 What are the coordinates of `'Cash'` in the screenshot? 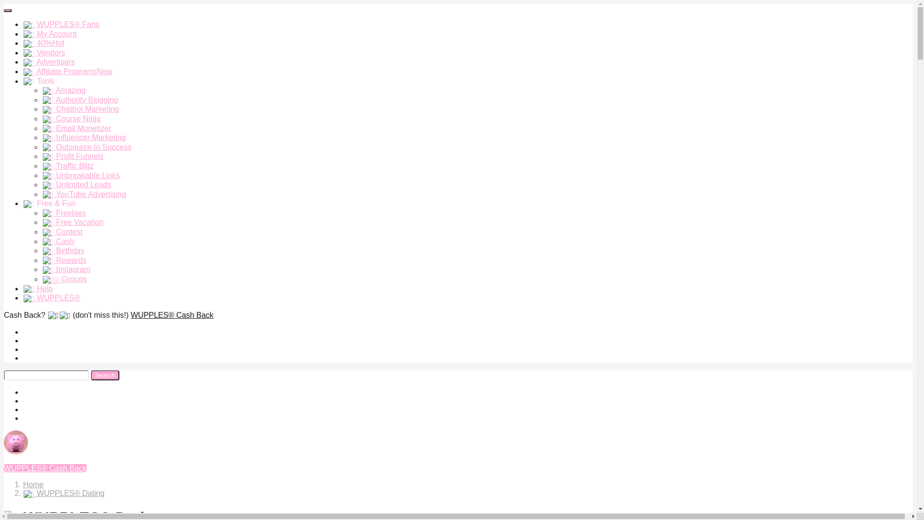 It's located at (41, 241).